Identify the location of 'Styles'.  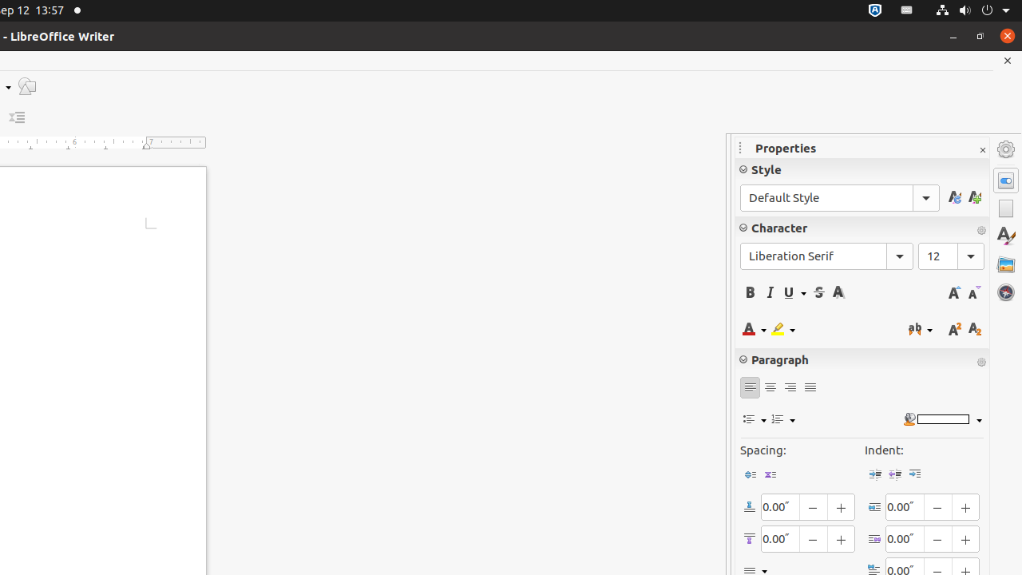
(1005, 236).